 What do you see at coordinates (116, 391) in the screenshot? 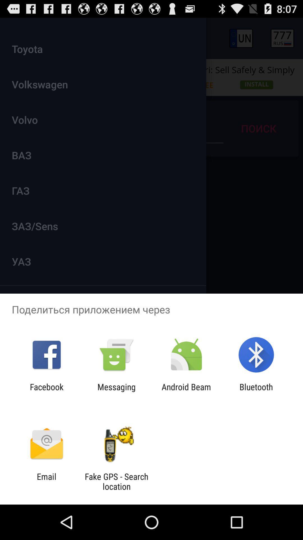
I see `icon next to facebook icon` at bounding box center [116, 391].